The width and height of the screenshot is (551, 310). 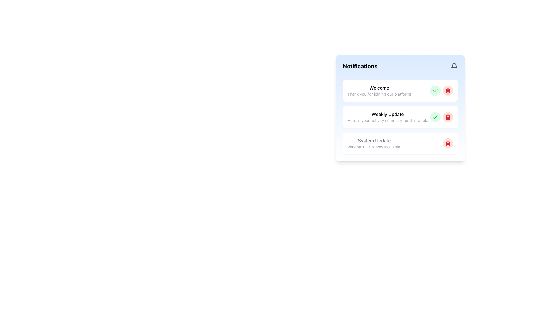 What do you see at coordinates (435, 90) in the screenshot?
I see `the button in the uppermost notification card on the right side to mark the associated notification as resolved or acknowledged` at bounding box center [435, 90].